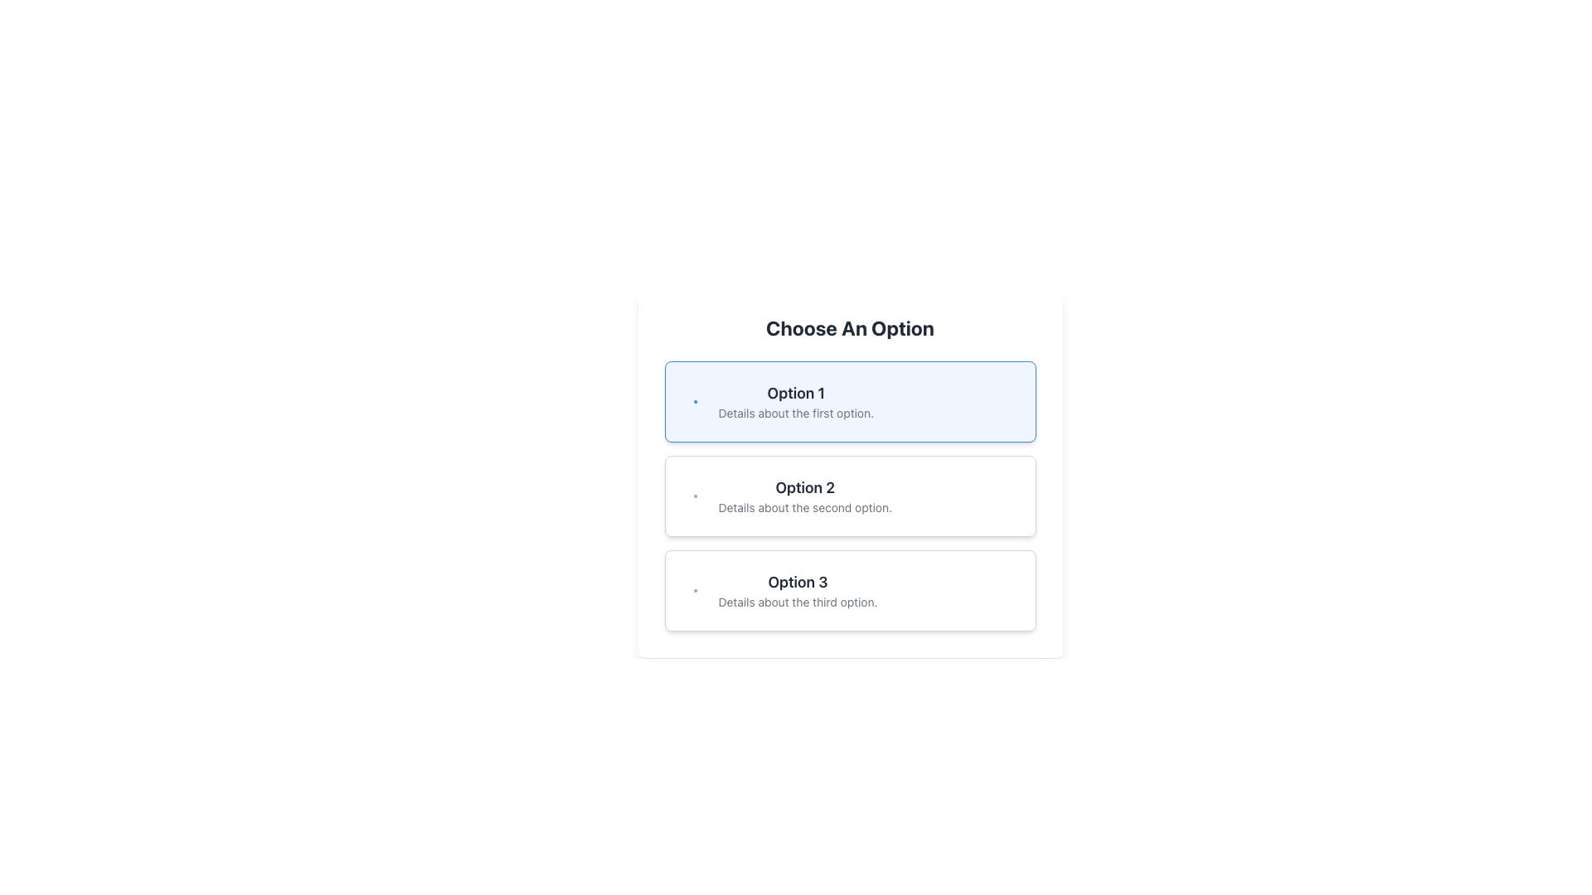 The width and height of the screenshot is (1592, 895). I want to click on the Text Display element that provides information regarding 'Option 1', which is centrally located within the first item of a vertical list following 'Choose An Option', so click(796, 402).